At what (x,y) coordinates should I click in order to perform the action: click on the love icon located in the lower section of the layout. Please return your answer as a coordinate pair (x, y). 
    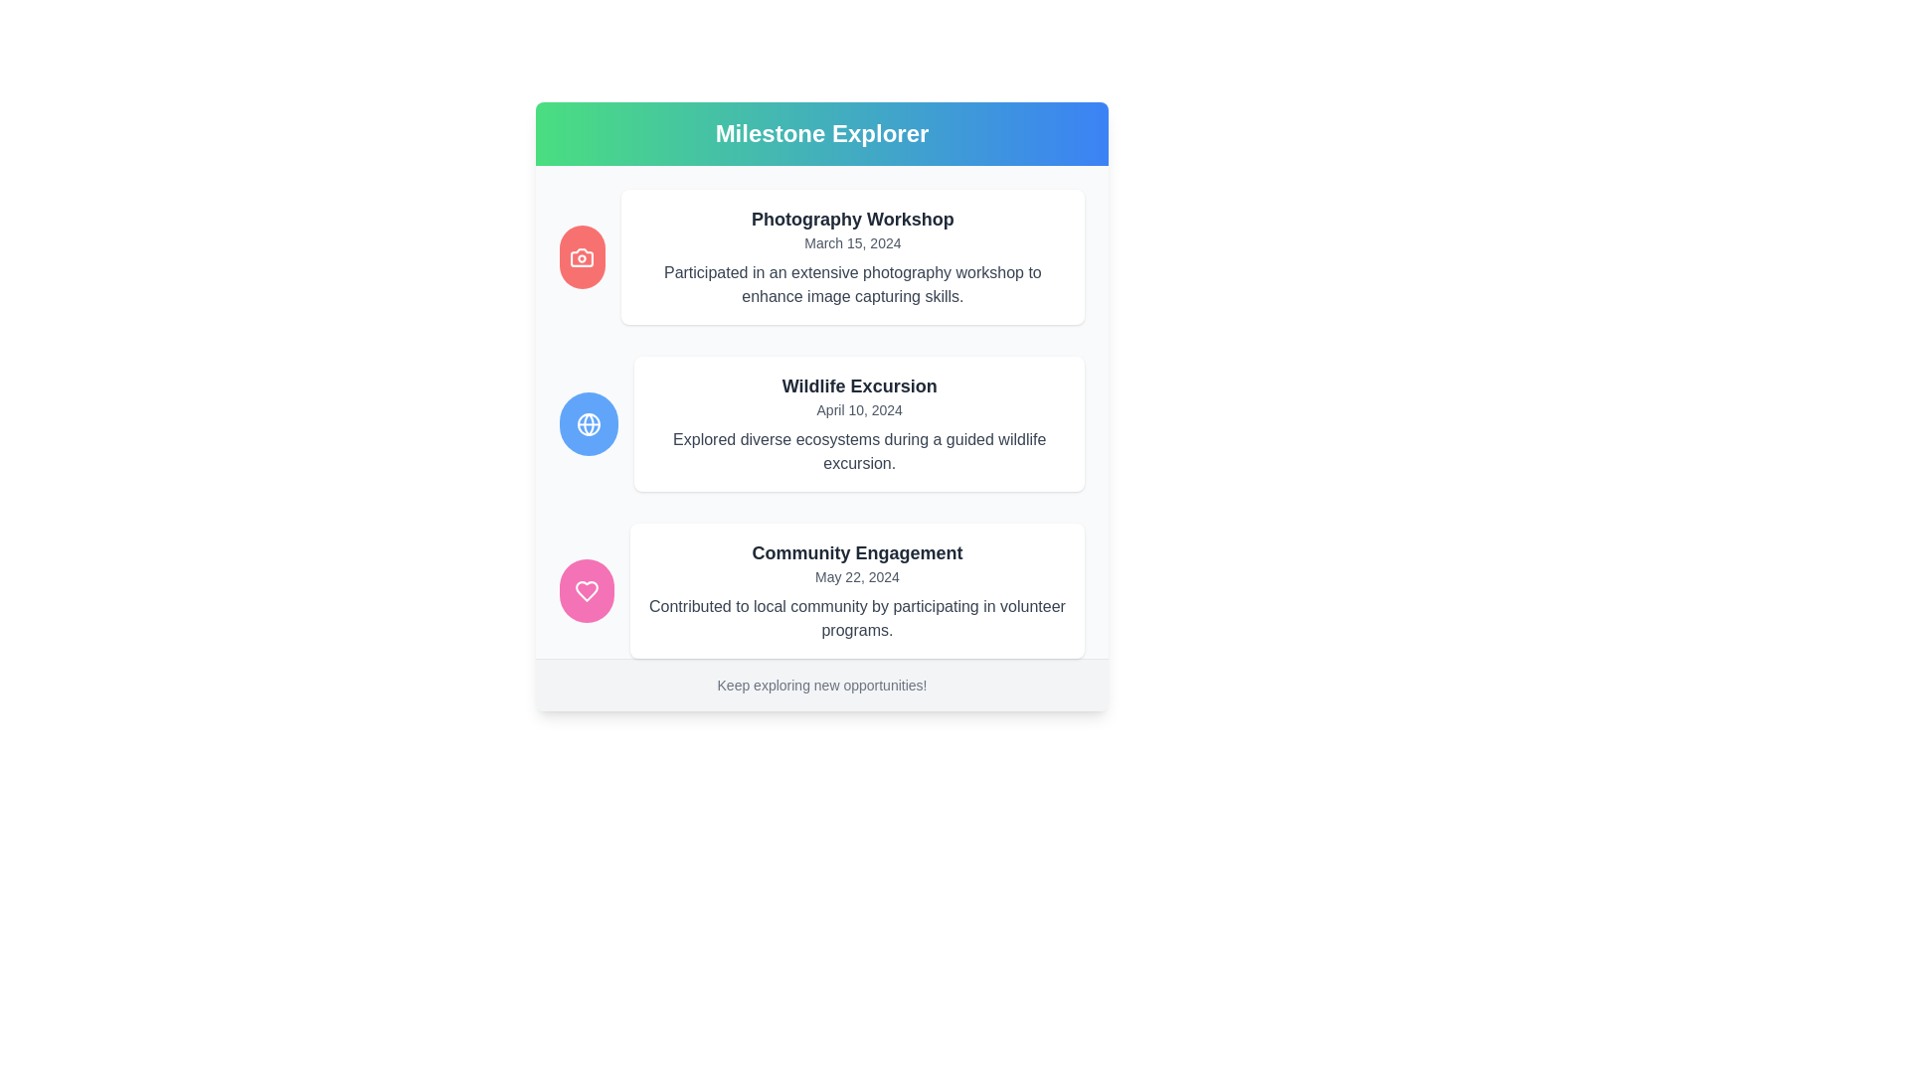
    Looking at the image, I should click on (586, 589).